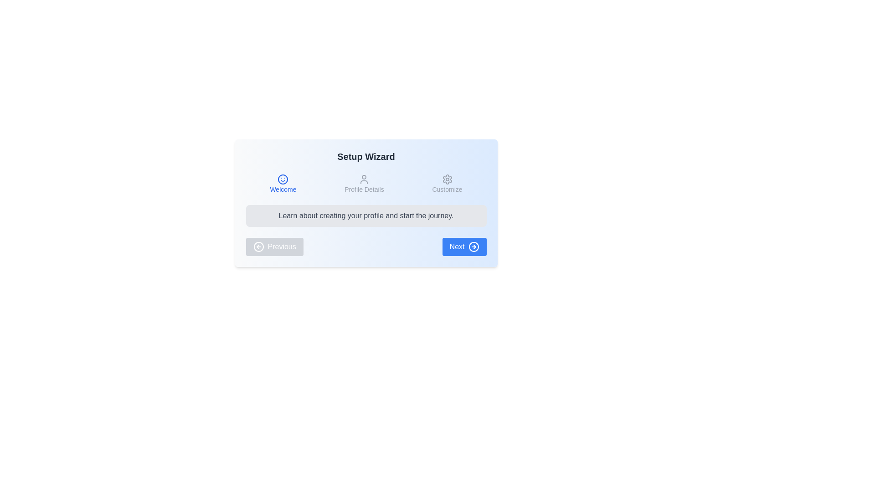 Image resolution: width=875 pixels, height=492 pixels. Describe the element at coordinates (364, 179) in the screenshot. I see `the icon representing 'Profile Details'` at that location.